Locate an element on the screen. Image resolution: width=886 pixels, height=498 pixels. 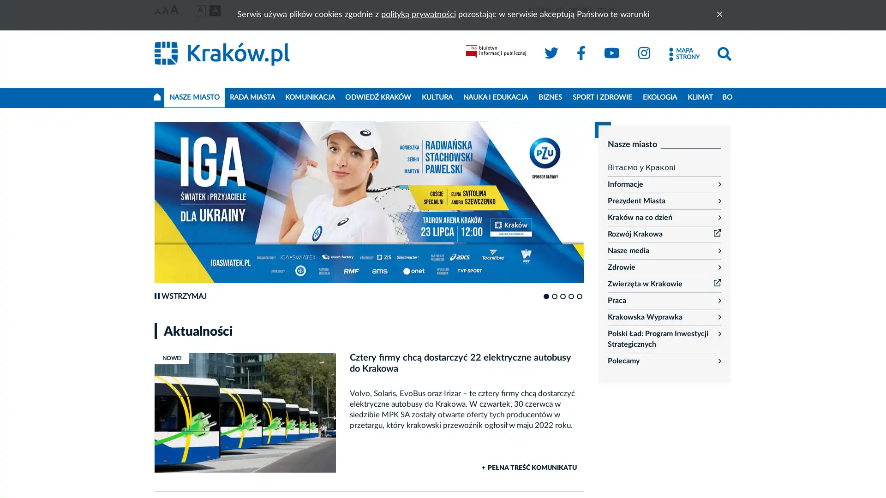
Srednia czcionka is located at coordinates (165, 11).